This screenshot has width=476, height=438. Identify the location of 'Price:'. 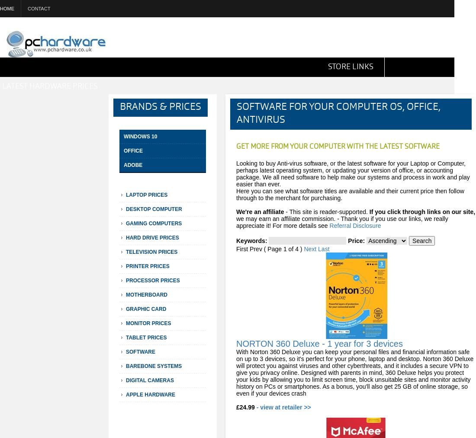
(356, 241).